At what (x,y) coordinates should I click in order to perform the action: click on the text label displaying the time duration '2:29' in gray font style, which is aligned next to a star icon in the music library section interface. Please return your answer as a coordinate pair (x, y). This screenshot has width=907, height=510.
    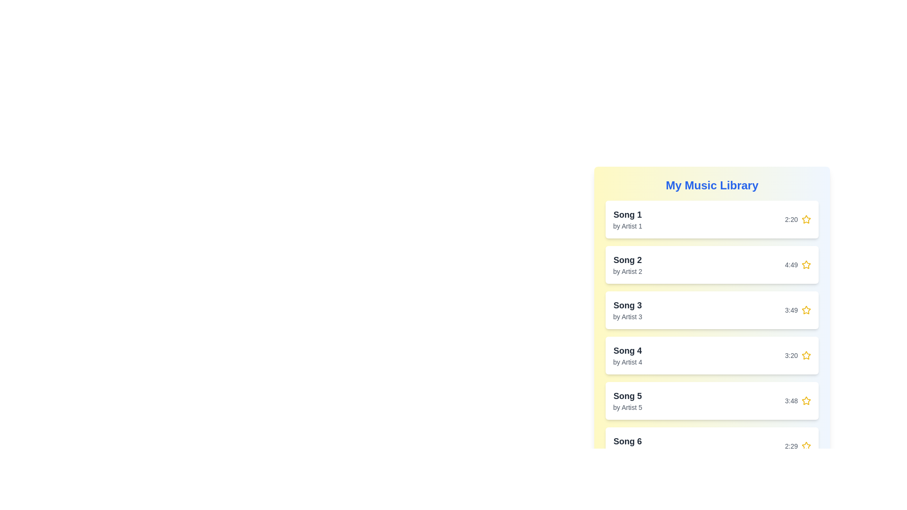
    Looking at the image, I should click on (791, 446).